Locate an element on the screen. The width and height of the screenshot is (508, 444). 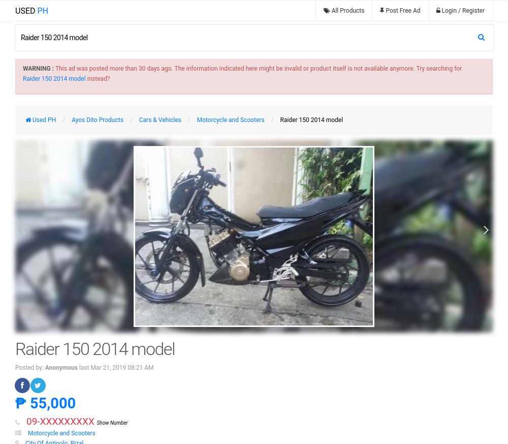
'WARNING :' is located at coordinates (23, 68).